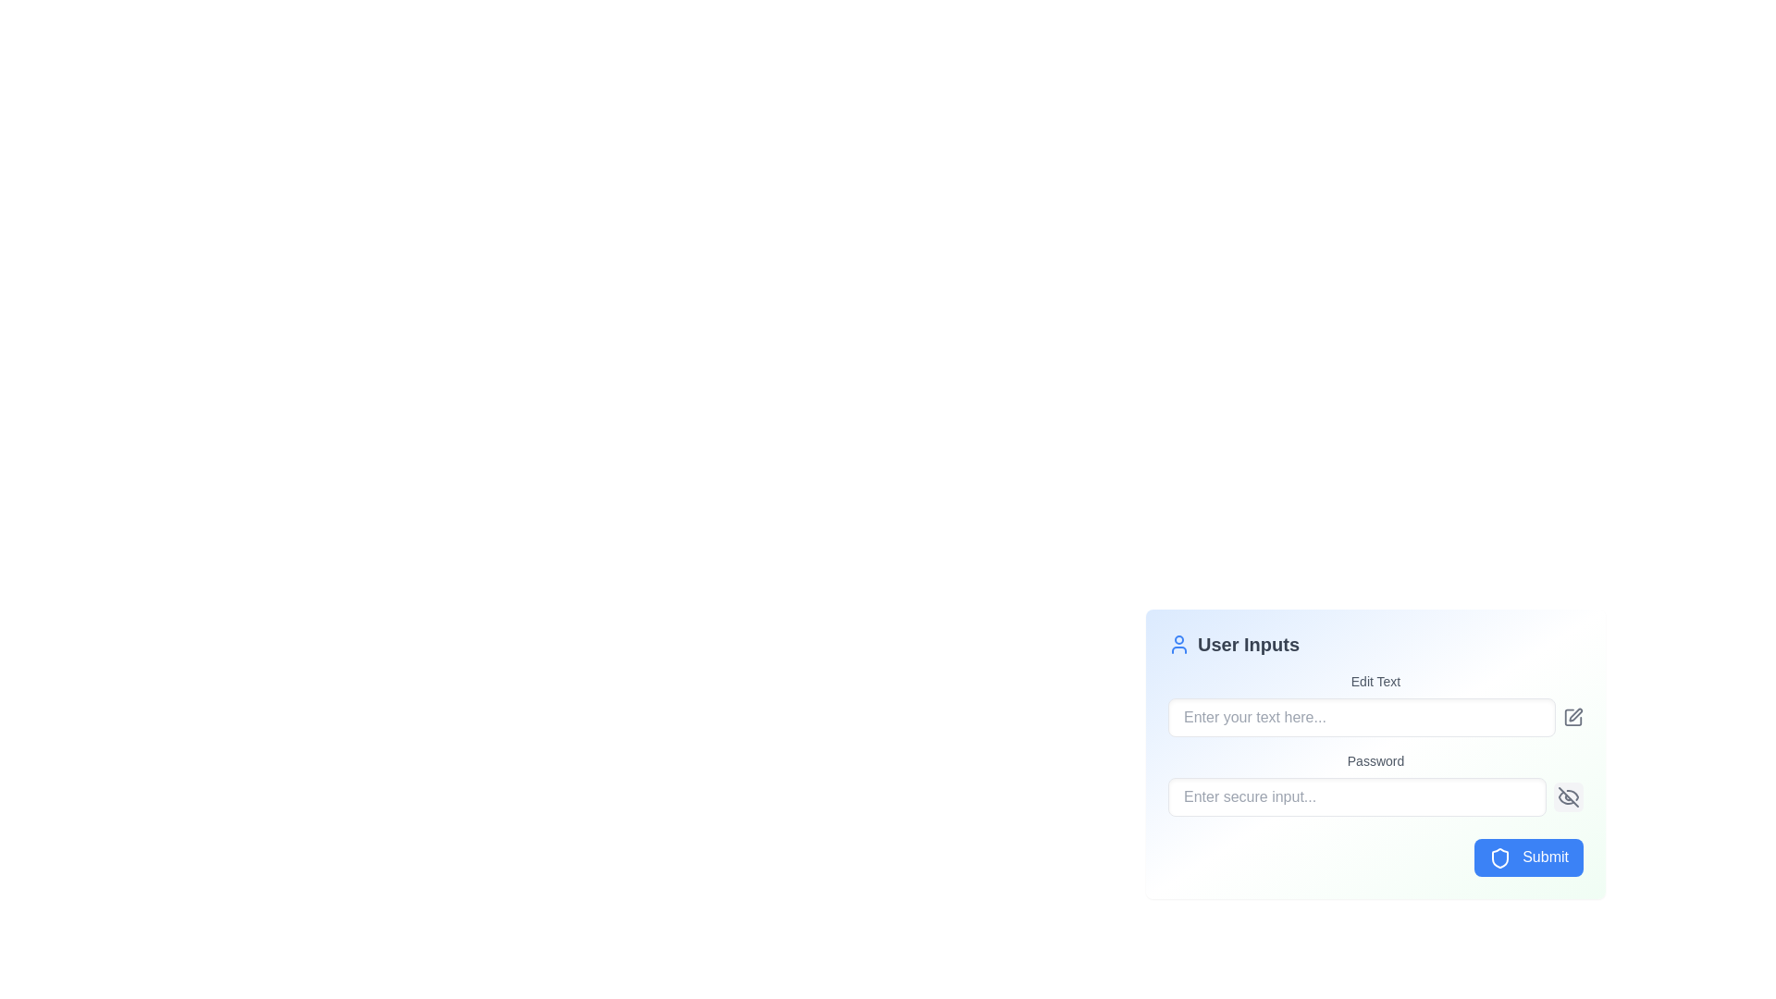 The height and width of the screenshot is (999, 1776). Describe the element at coordinates (1567, 795) in the screenshot. I see `the visibility toggle icon at the far right of the password input field in the 'User Inputs' section` at that location.